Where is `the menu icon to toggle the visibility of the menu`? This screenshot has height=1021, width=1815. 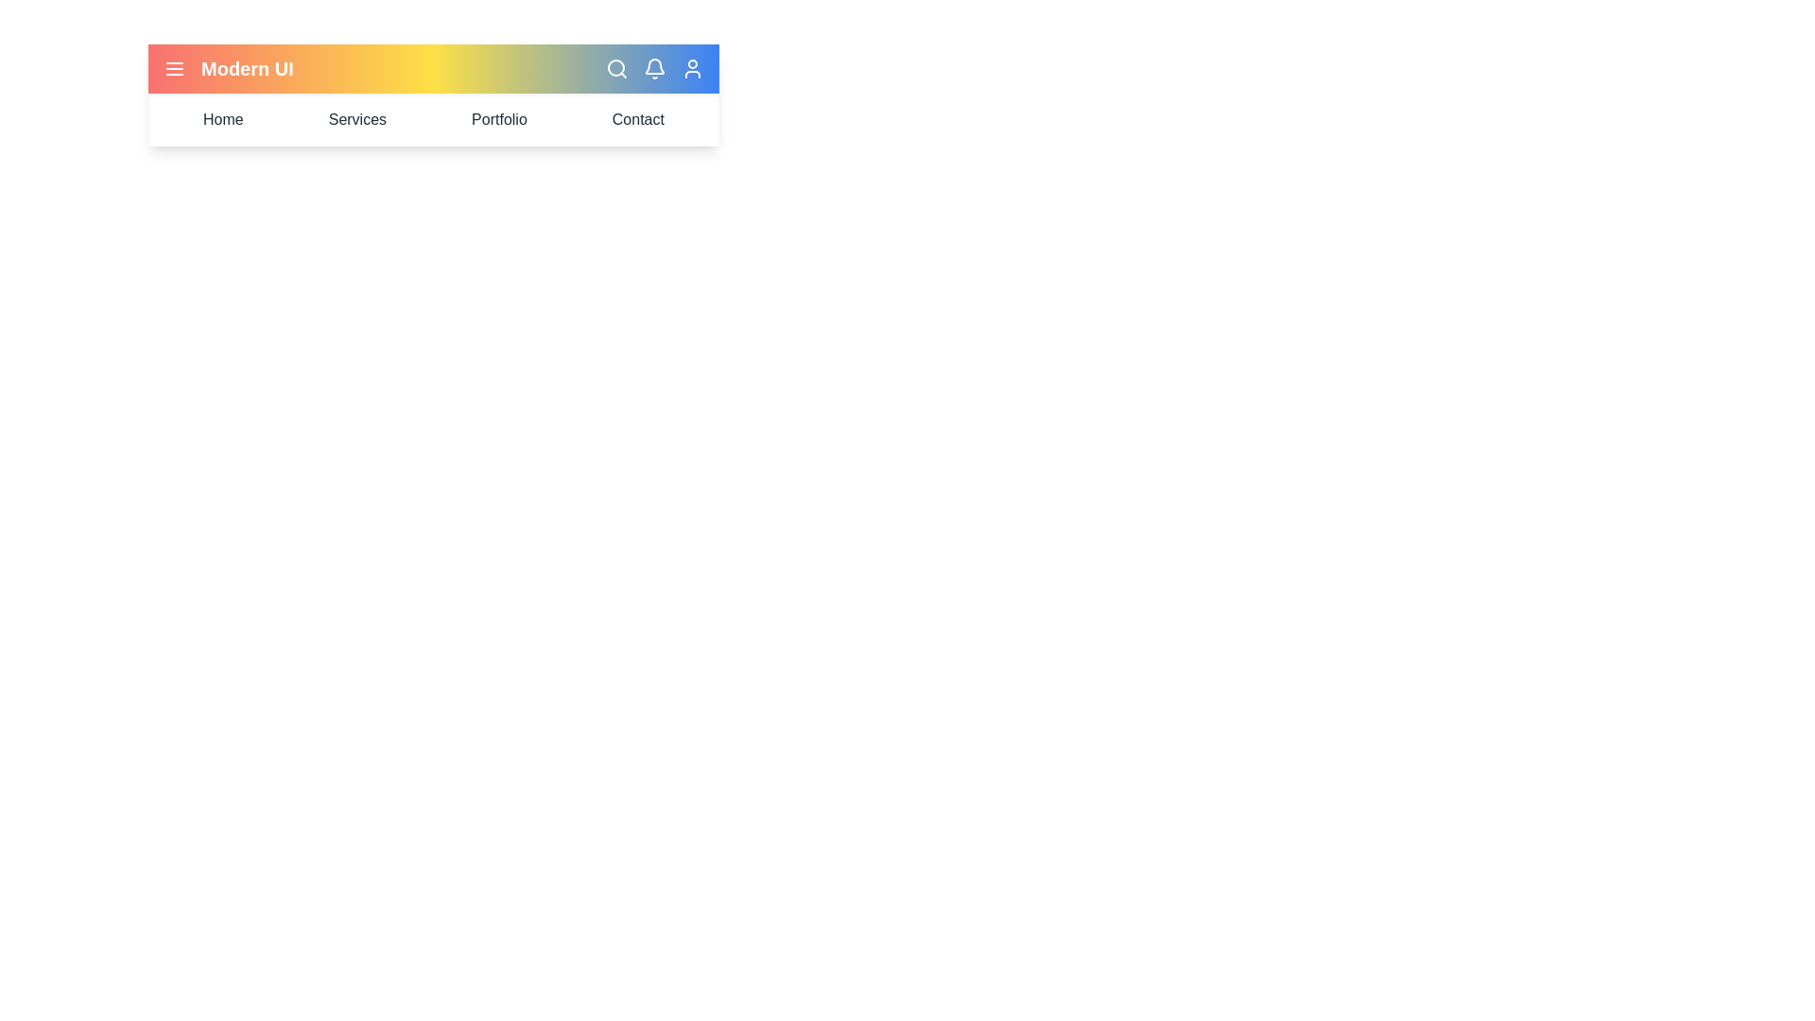
the menu icon to toggle the visibility of the menu is located at coordinates (175, 68).